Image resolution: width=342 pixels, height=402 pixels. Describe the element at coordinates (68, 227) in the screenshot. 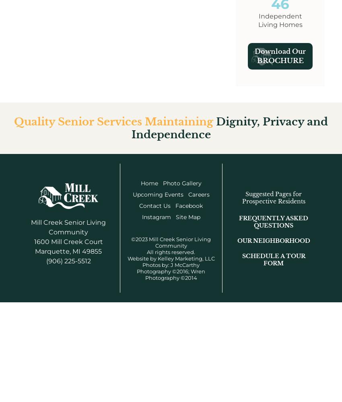

I see `'Mill Creek Senior Living Community'` at that location.